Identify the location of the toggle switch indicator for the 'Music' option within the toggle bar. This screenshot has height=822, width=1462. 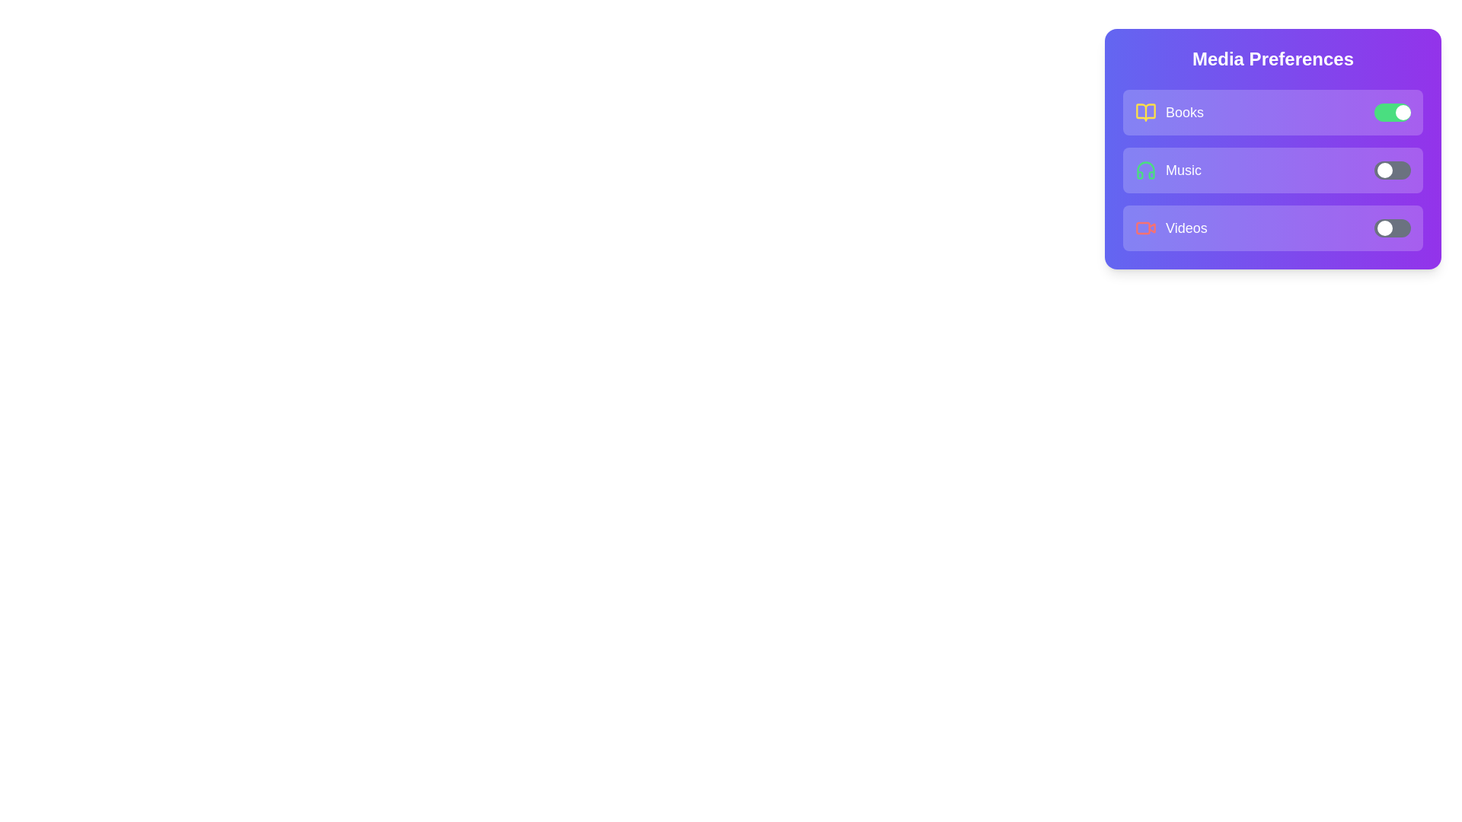
(1385, 170).